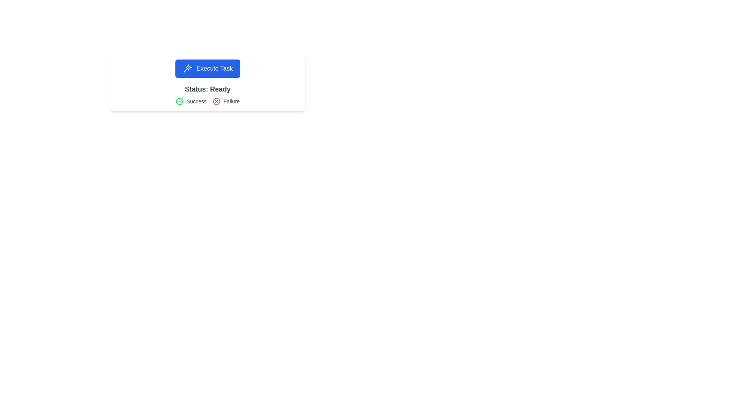 The width and height of the screenshot is (732, 412). Describe the element at coordinates (208, 89) in the screenshot. I see `the Text label that displays the current status of a task or process, positioned centrally below the 'Execute Task' button and above the 'Success' and 'Failure' indicators` at that location.